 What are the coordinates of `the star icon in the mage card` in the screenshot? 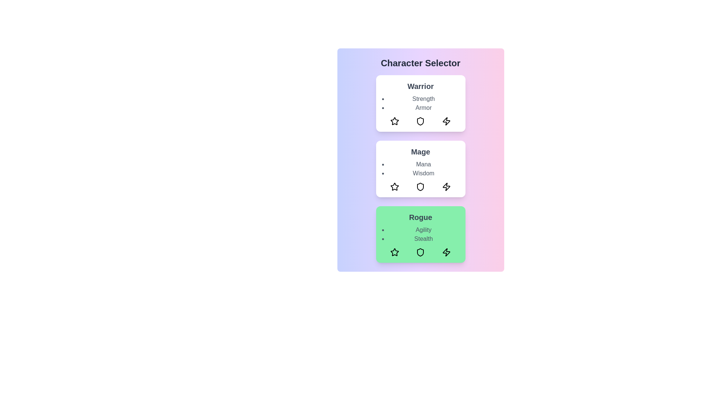 It's located at (394, 186).